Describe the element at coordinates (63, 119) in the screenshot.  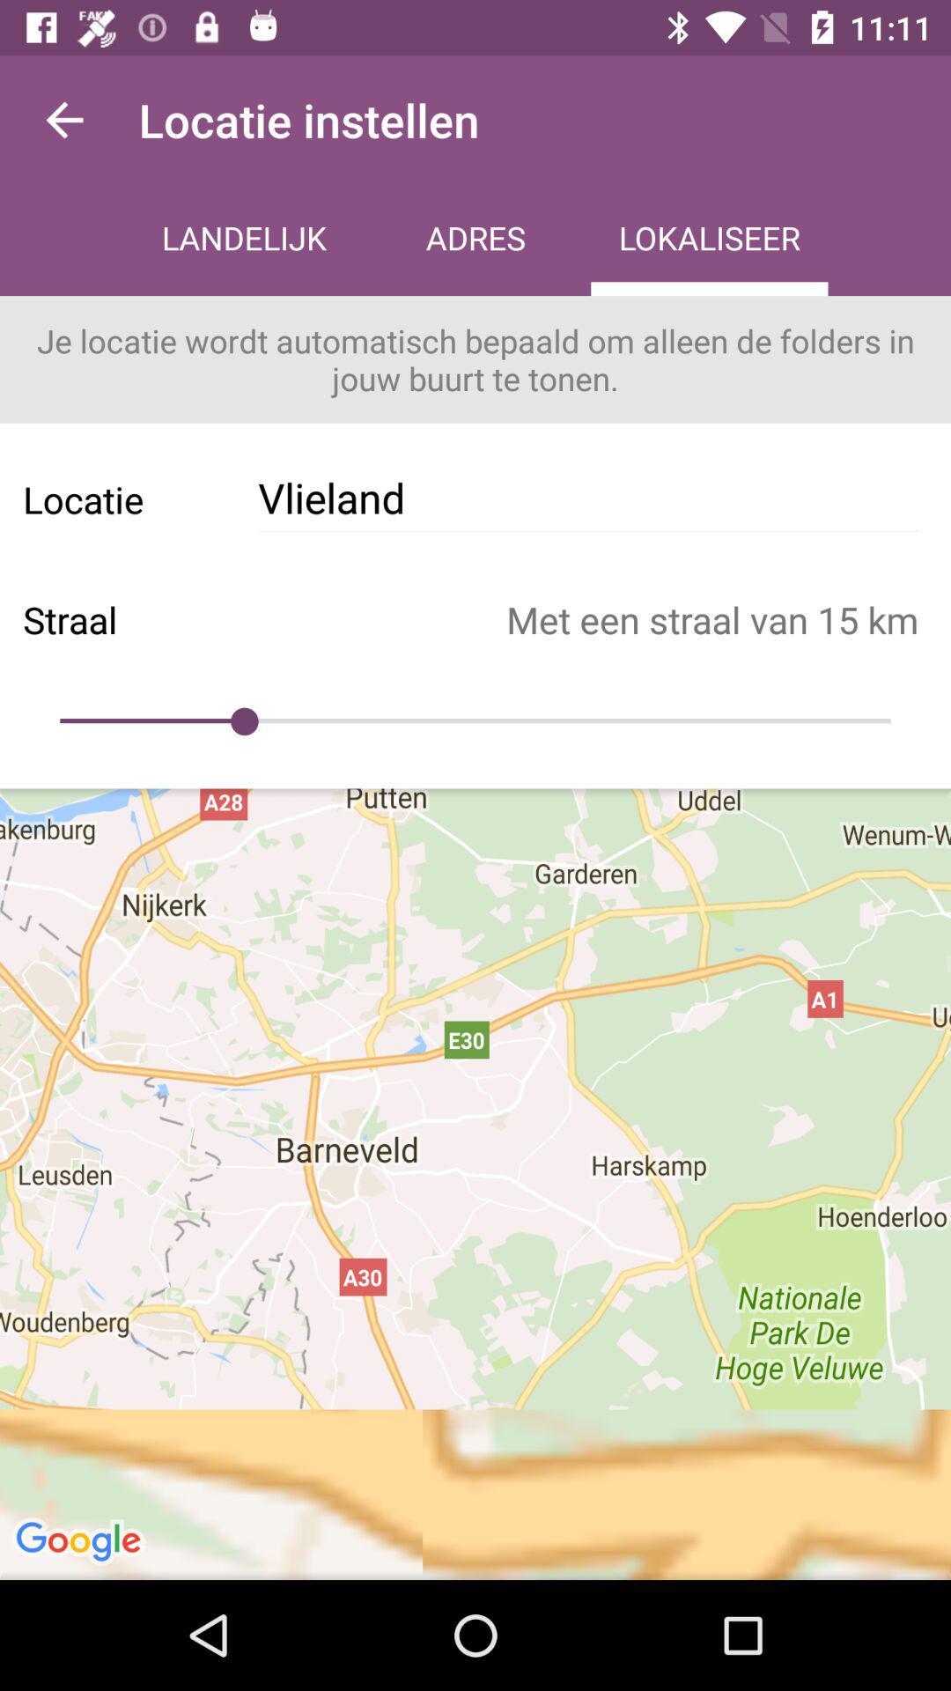
I see `icon next to the landelijk icon` at that location.